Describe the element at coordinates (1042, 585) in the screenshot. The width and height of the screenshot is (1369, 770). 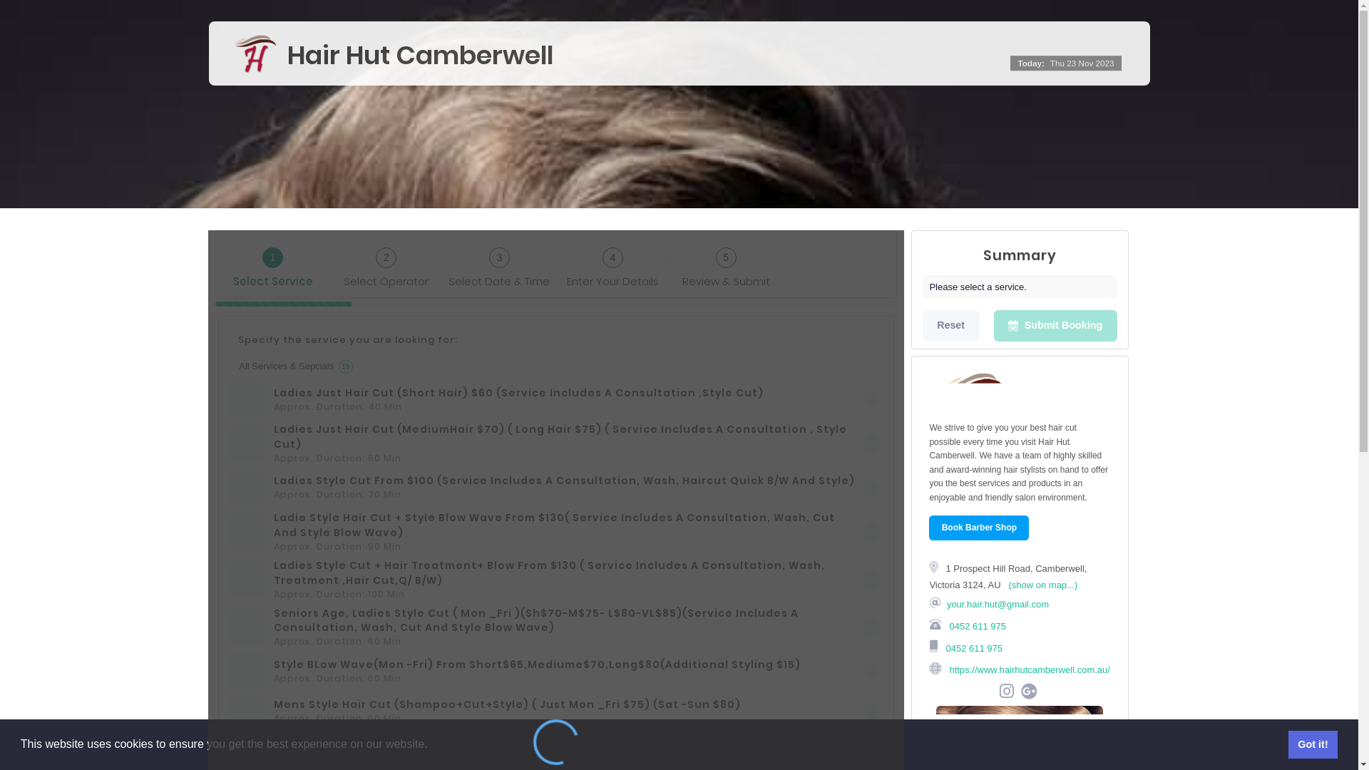
I see `'(show on map...)'` at that location.